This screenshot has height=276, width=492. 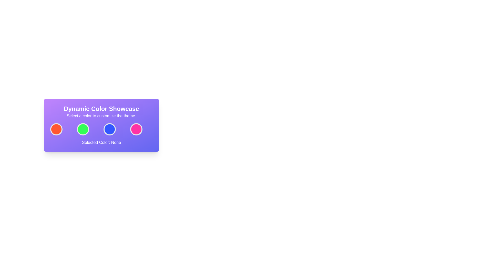 I want to click on the static text block that reads 'Select a color to customize the theme.' which is centrally aligned below the heading 'Dynamic Color Showcase', so click(x=101, y=116).